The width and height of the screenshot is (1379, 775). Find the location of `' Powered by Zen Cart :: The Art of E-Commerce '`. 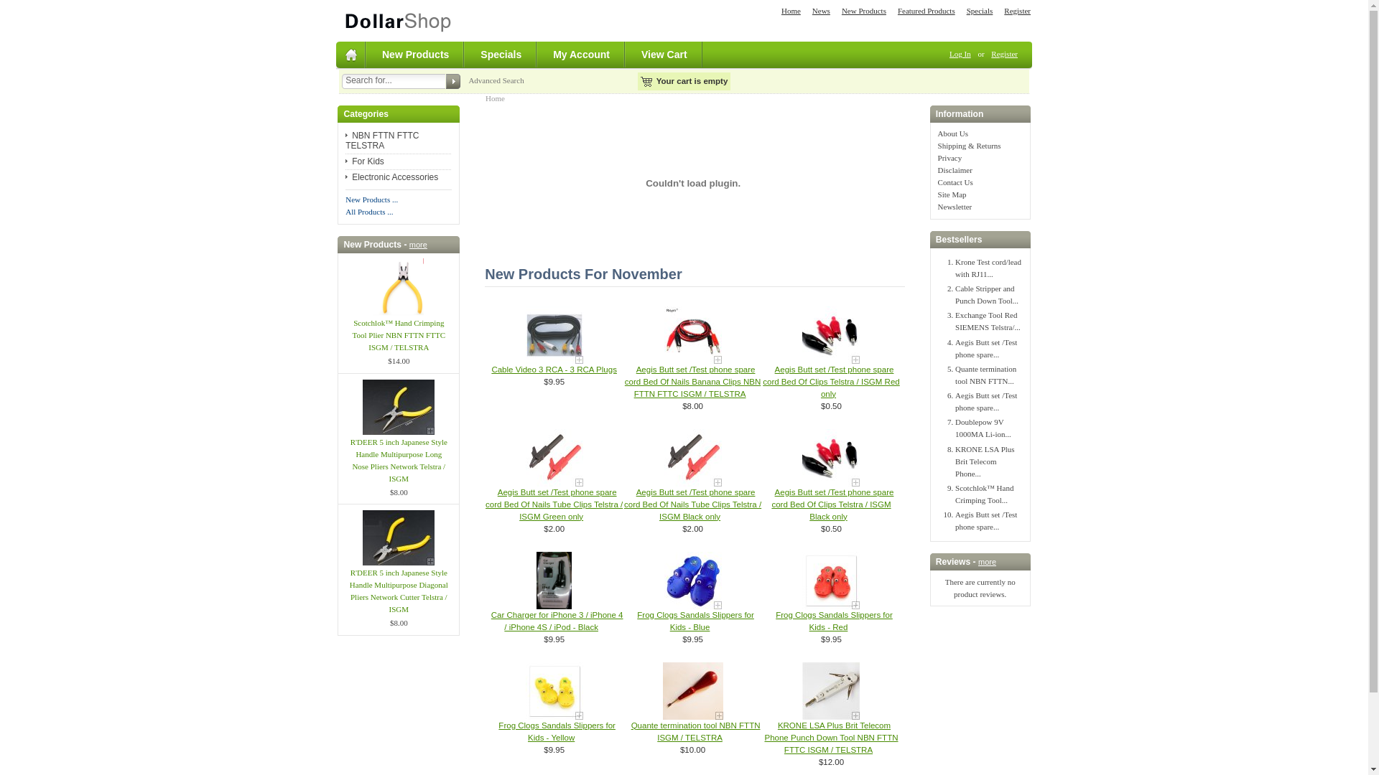

' Powered by Zen Cart :: The Art of E-Commerce ' is located at coordinates (335, 19).